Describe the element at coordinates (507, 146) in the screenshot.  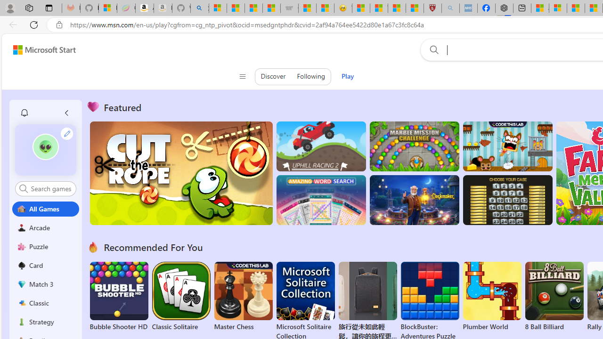
I see `'Squicky'` at that location.